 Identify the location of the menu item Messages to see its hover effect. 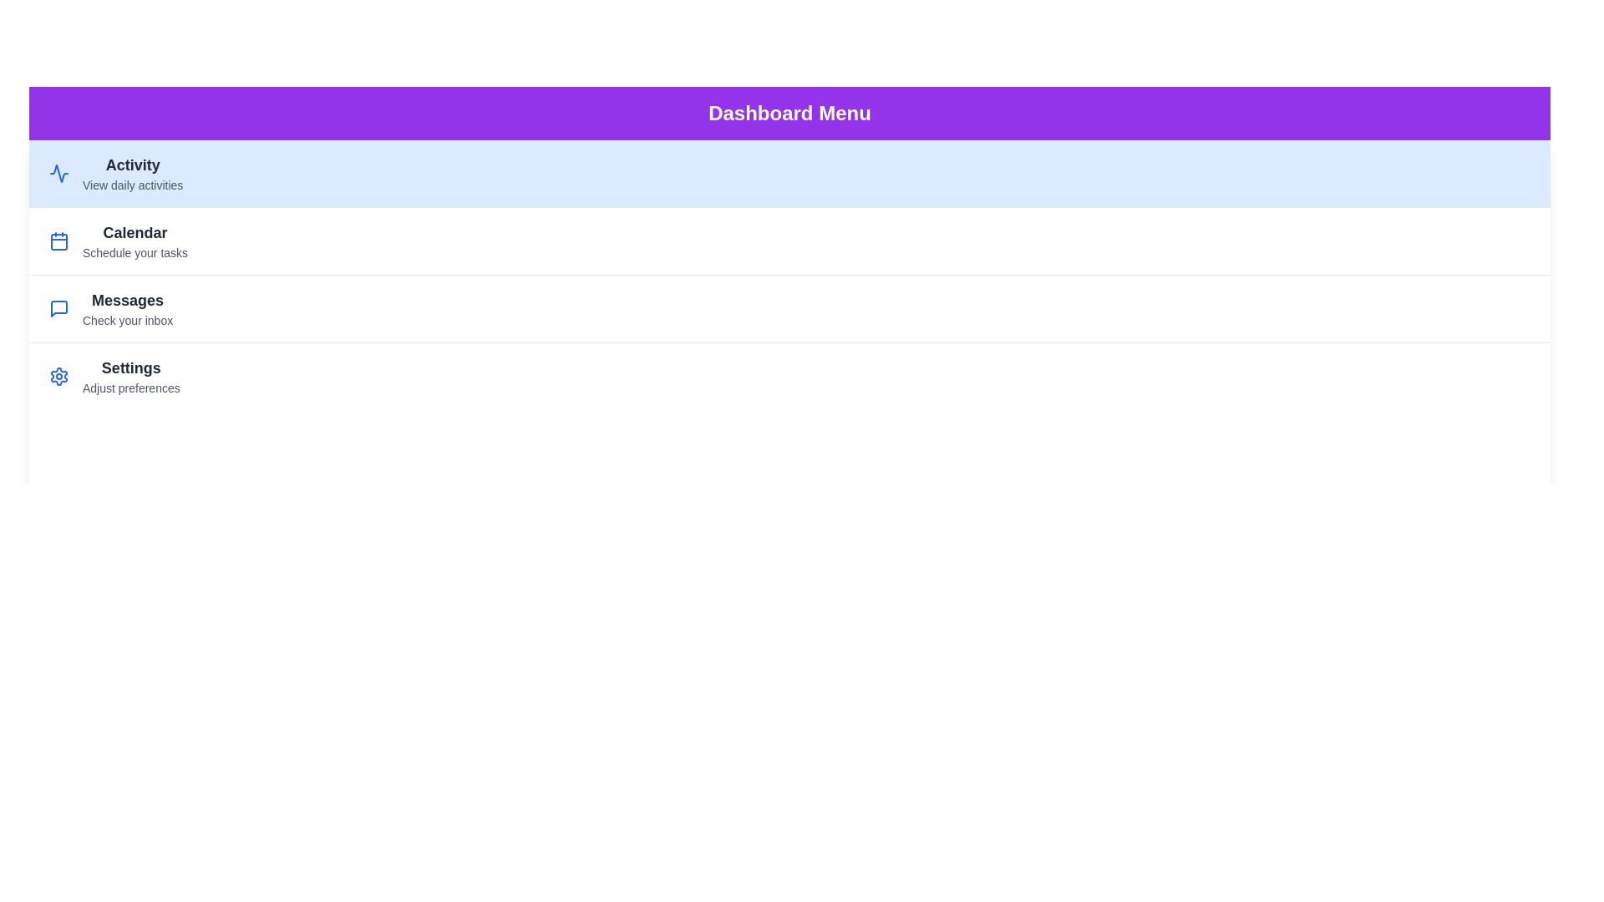
(789, 308).